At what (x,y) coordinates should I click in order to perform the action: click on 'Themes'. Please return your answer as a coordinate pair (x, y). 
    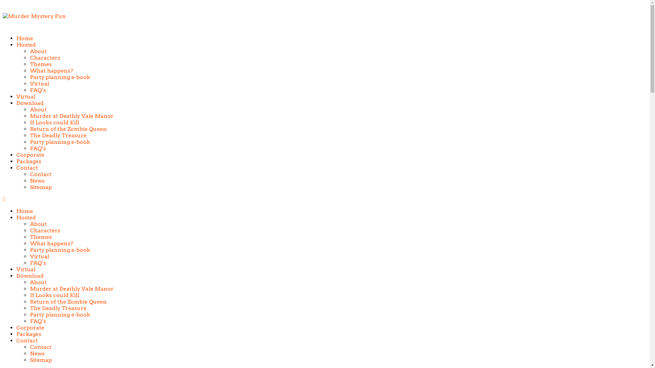
    Looking at the image, I should click on (41, 64).